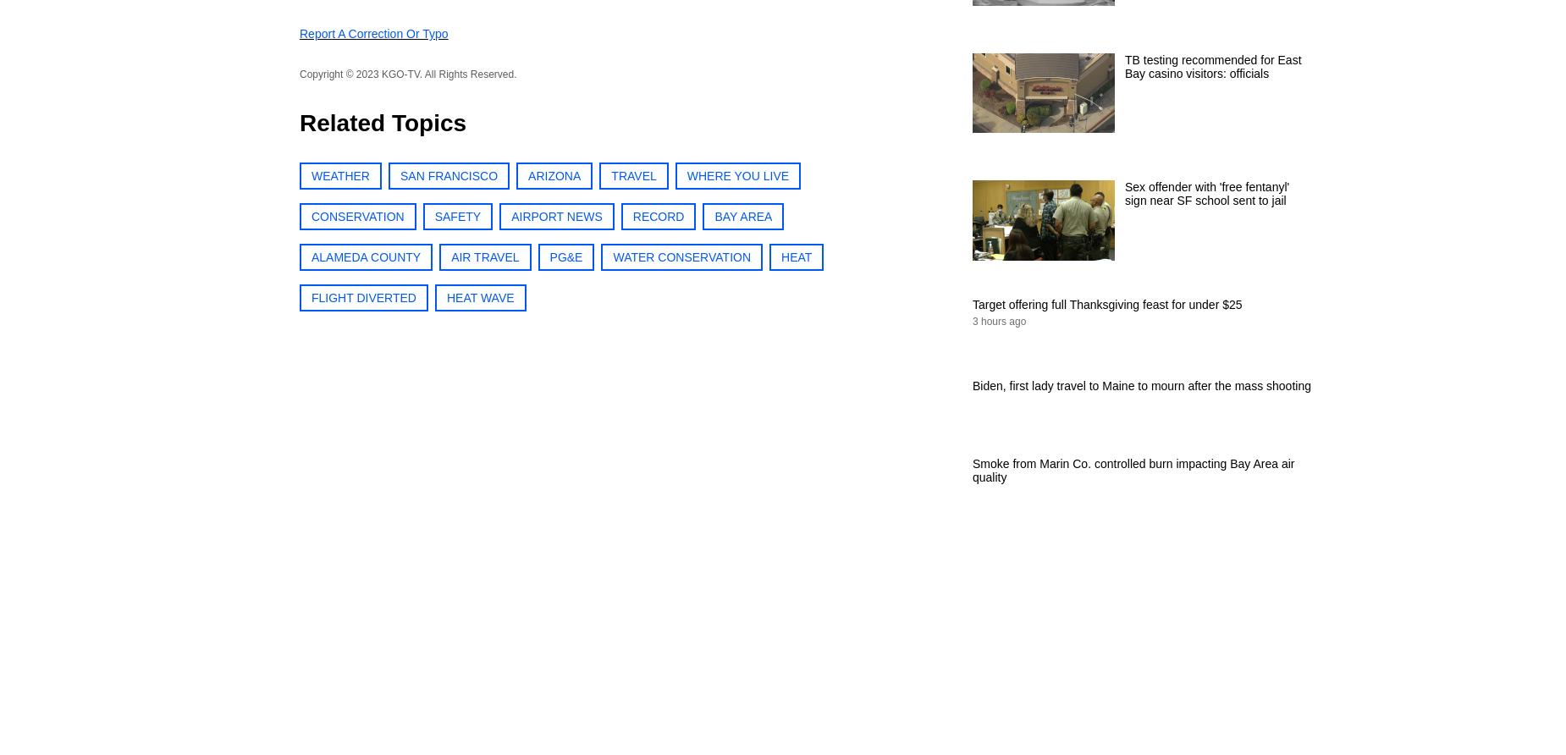 The image size is (1566, 755). I want to click on 'Report a correction or typo', so click(299, 33).